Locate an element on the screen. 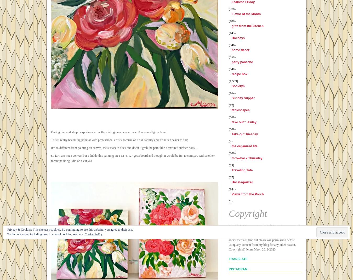 The height and width of the screenshot is (280, 353). 'Flavor of the Month' is located at coordinates (246, 14).